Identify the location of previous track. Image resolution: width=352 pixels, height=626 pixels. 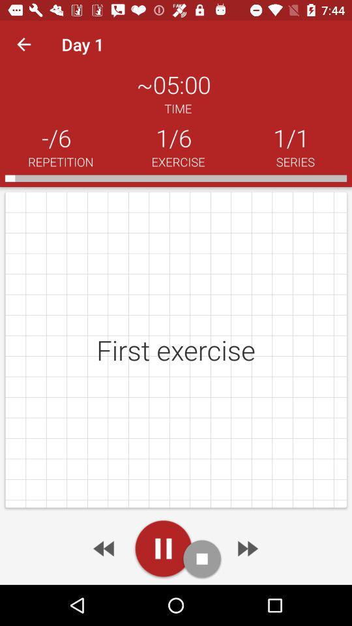
(104, 548).